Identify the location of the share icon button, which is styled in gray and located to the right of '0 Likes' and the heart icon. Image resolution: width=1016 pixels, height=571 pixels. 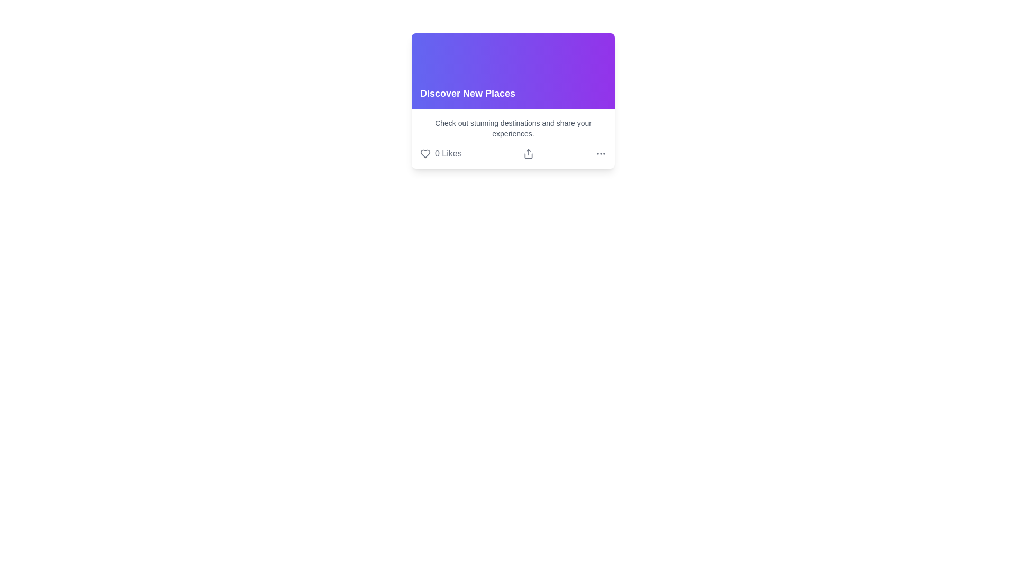
(529, 153).